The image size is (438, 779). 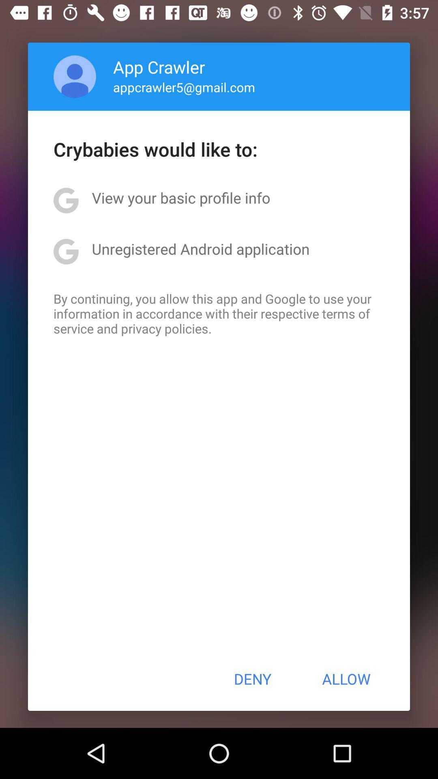 What do you see at coordinates (200, 248) in the screenshot?
I see `the icon above by continuing you icon` at bounding box center [200, 248].